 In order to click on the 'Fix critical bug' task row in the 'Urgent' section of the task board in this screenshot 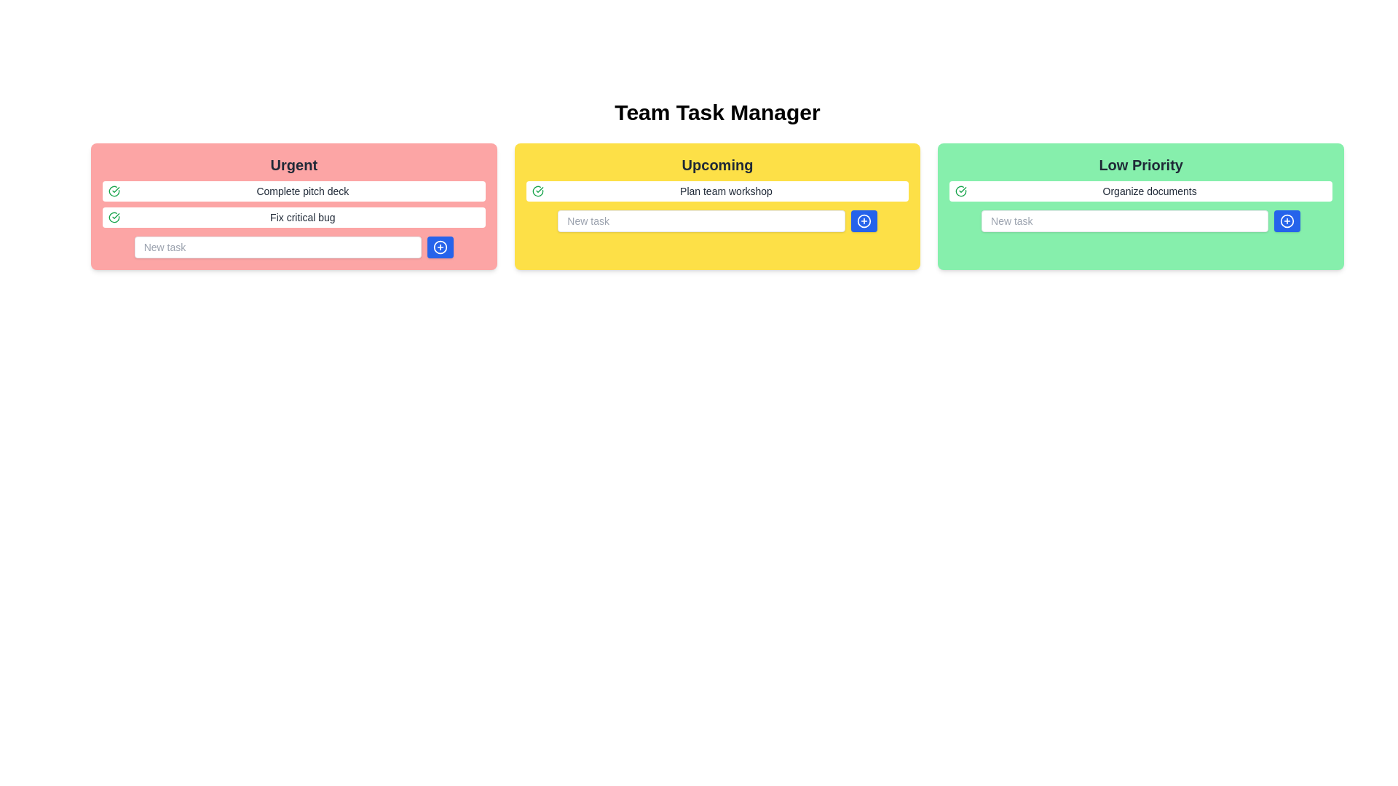, I will do `click(293, 218)`.